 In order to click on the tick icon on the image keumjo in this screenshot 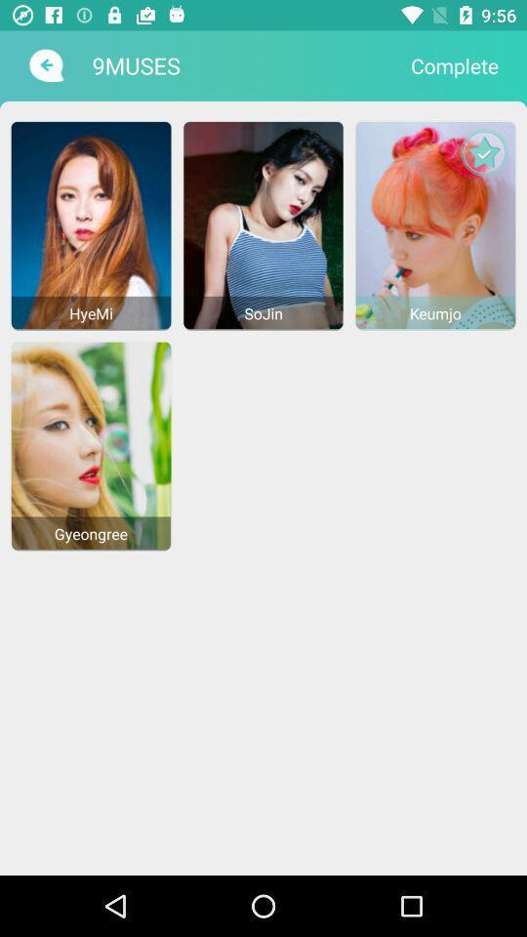, I will do `click(483, 151)`.